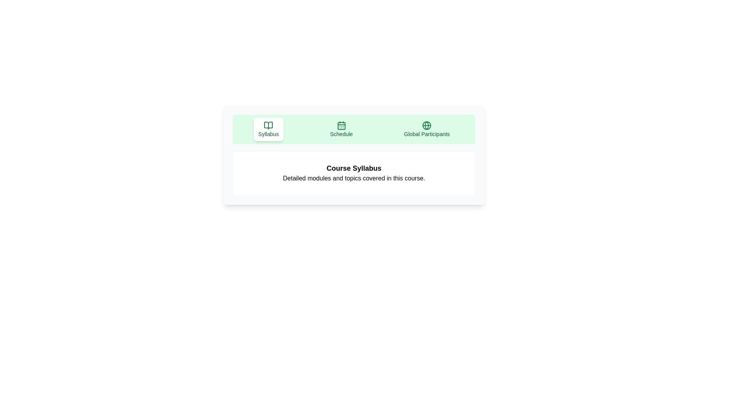 The image size is (747, 420). What do you see at coordinates (341, 129) in the screenshot?
I see `the Schedule tab to view its content` at bounding box center [341, 129].